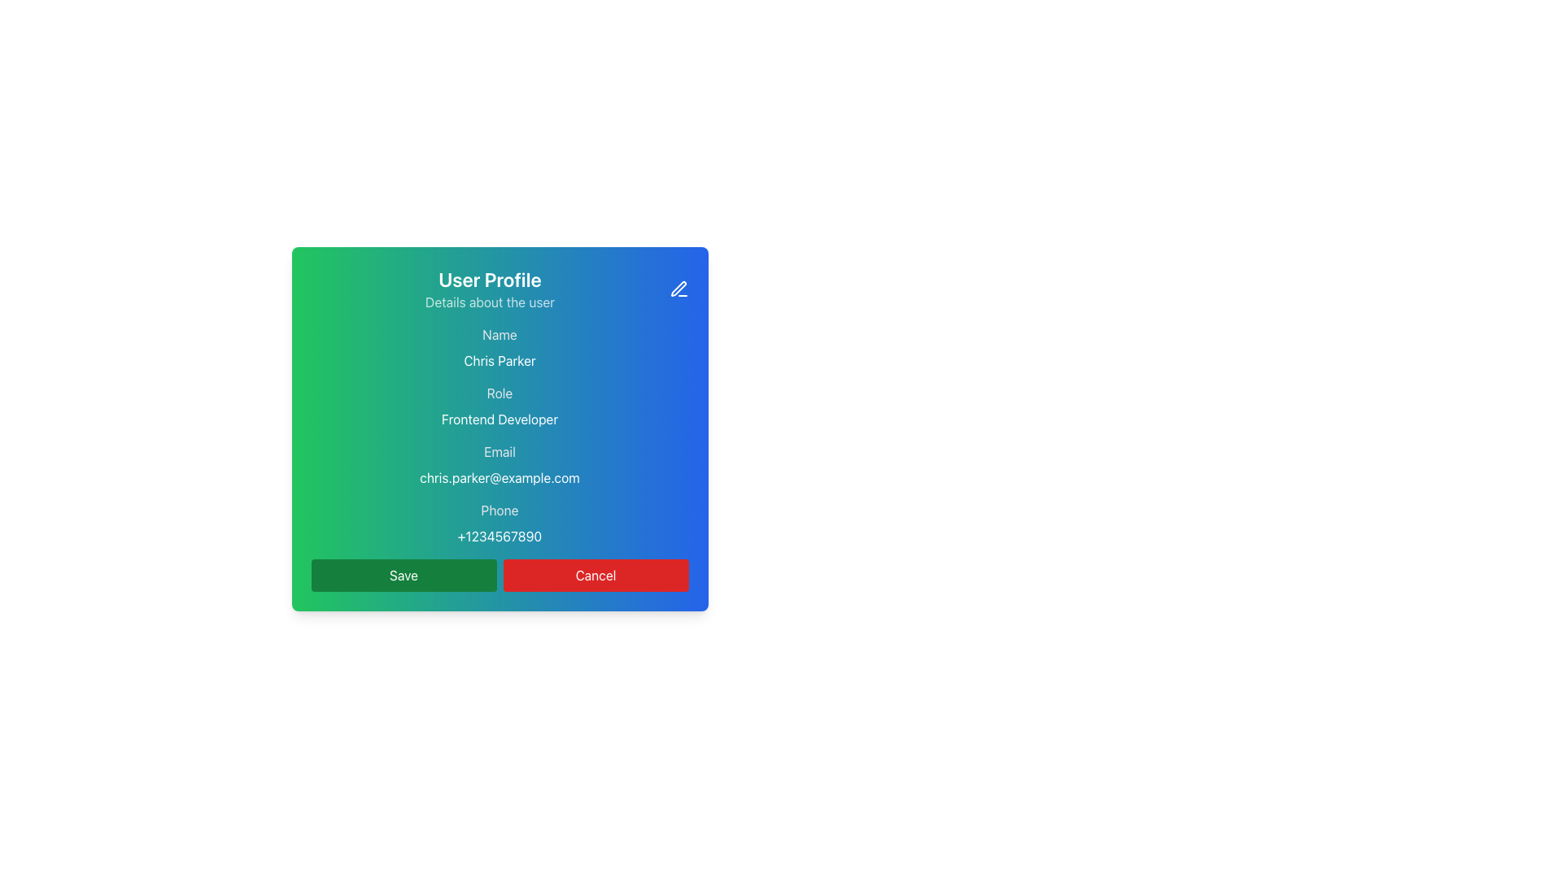 The height and width of the screenshot is (878, 1562). Describe the element at coordinates (499, 406) in the screenshot. I see `the Text Display element that shows 'Role' and 'Frontend Developer', located in the middle of the user profile card, below the 'Name' section and above the 'Email' section` at that location.